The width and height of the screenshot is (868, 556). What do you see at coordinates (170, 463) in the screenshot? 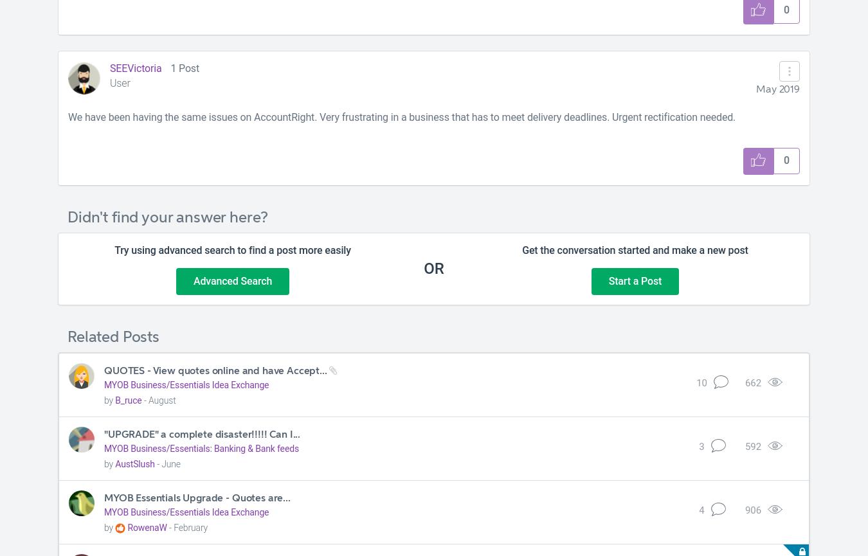
I see `'June'` at bounding box center [170, 463].